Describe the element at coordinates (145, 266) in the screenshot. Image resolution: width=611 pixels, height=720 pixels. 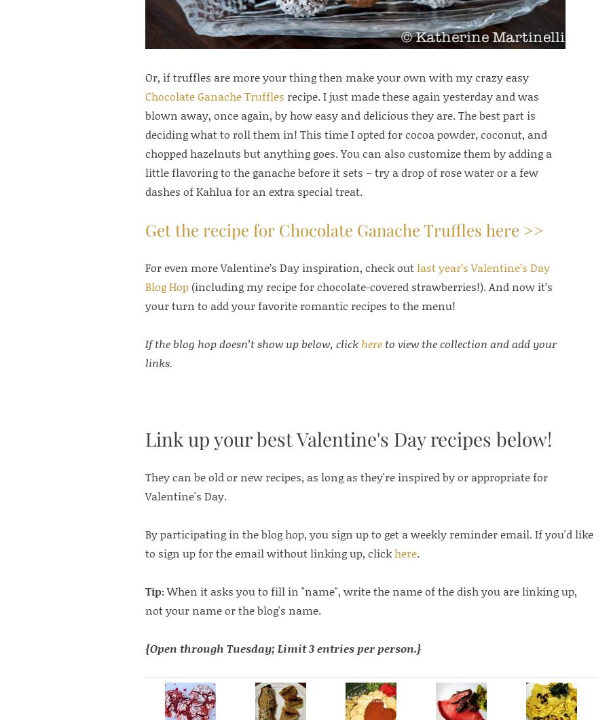
I see `'For even more Valentine’s Day inspiration, check out'` at that location.